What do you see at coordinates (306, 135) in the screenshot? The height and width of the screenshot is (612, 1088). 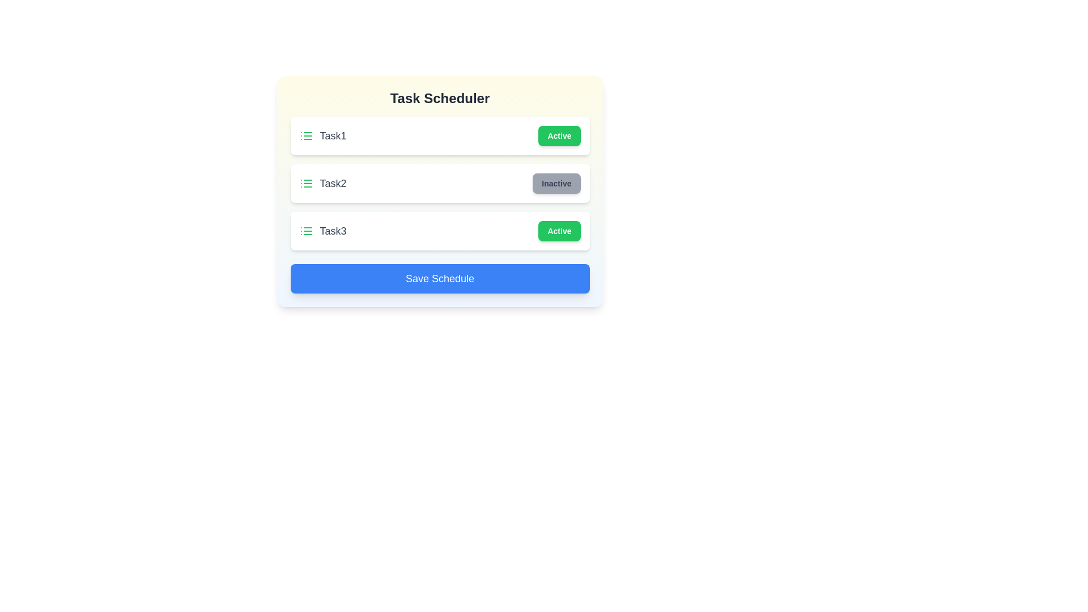 I see `the icon next to the task name Task1` at bounding box center [306, 135].